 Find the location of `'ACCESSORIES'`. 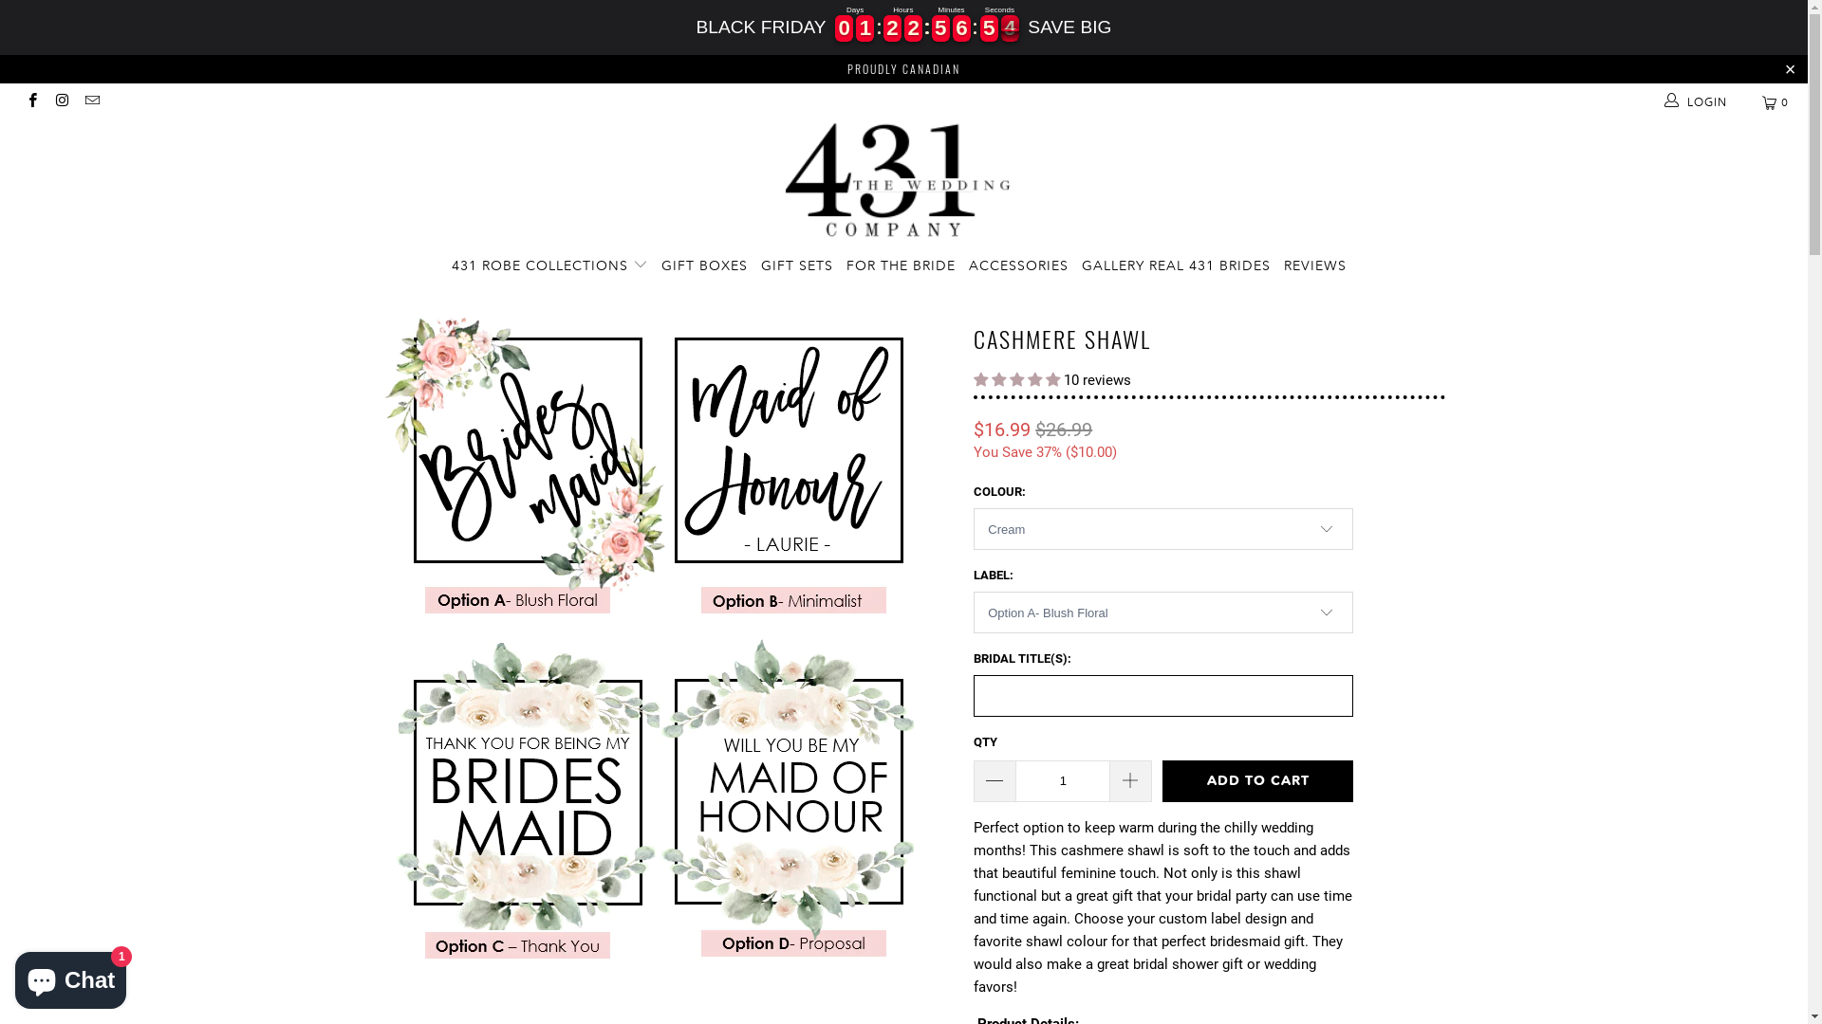

'ACCESSORIES' is located at coordinates (1017, 265).